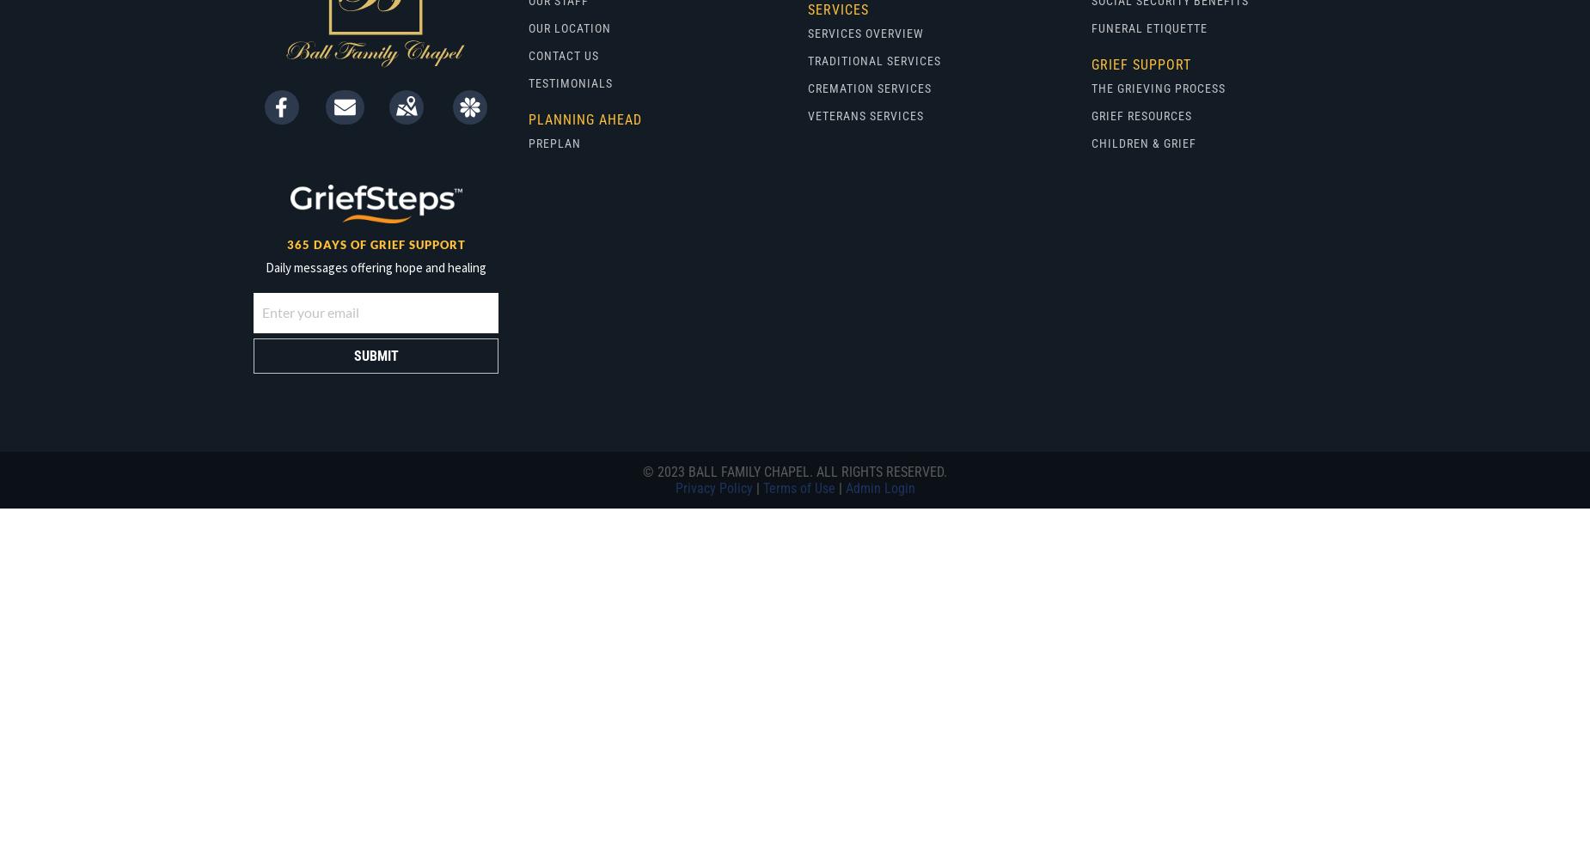 The height and width of the screenshot is (859, 1590). Describe the element at coordinates (798, 487) in the screenshot. I see `'Terms of Use'` at that location.